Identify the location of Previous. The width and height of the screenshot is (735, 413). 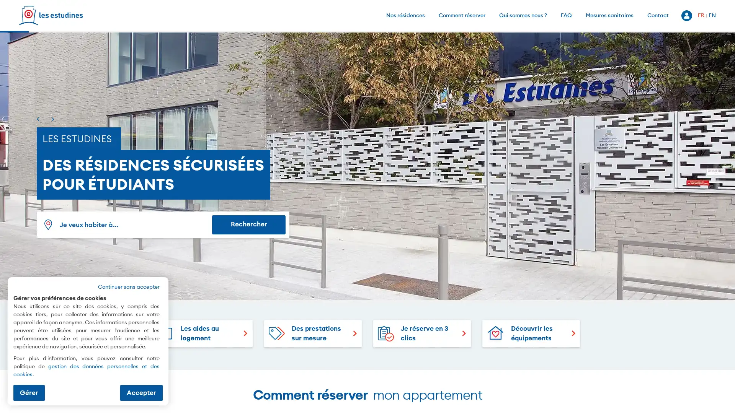
(38, 119).